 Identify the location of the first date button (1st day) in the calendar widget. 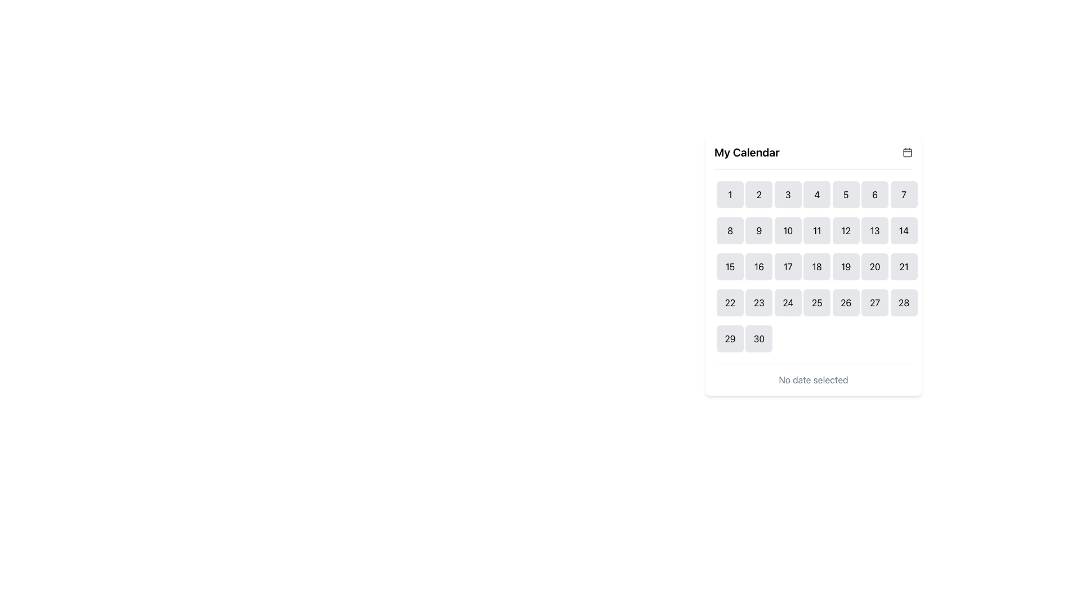
(730, 194).